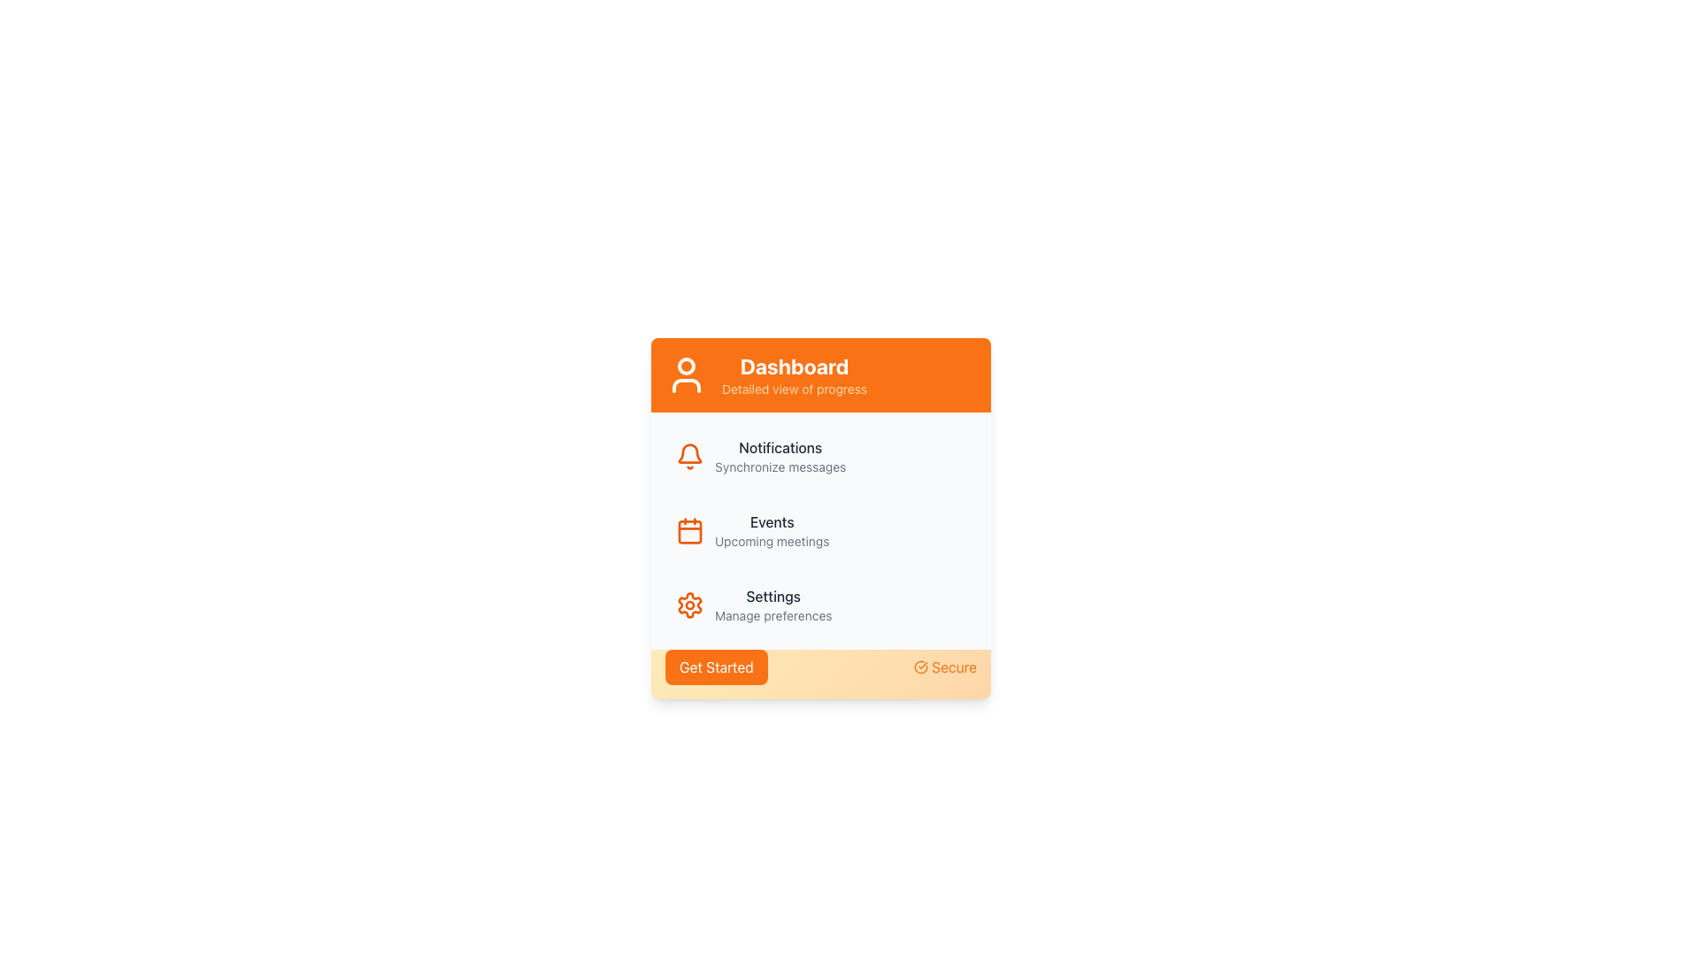 The width and height of the screenshot is (1699, 956). What do you see at coordinates (686, 374) in the screenshot?
I see `the user profile icon located at the top-left corner of the Dashboard card, which serves as a visual aid for identifying the Dashboard section` at bounding box center [686, 374].